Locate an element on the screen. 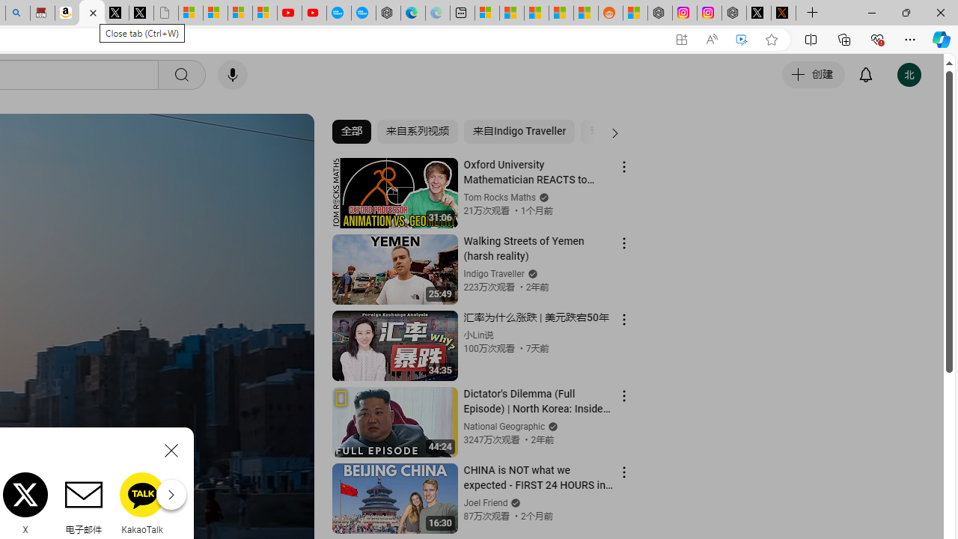 The width and height of the screenshot is (958, 539). 'App available. Install YouTube' is located at coordinates (680, 39).